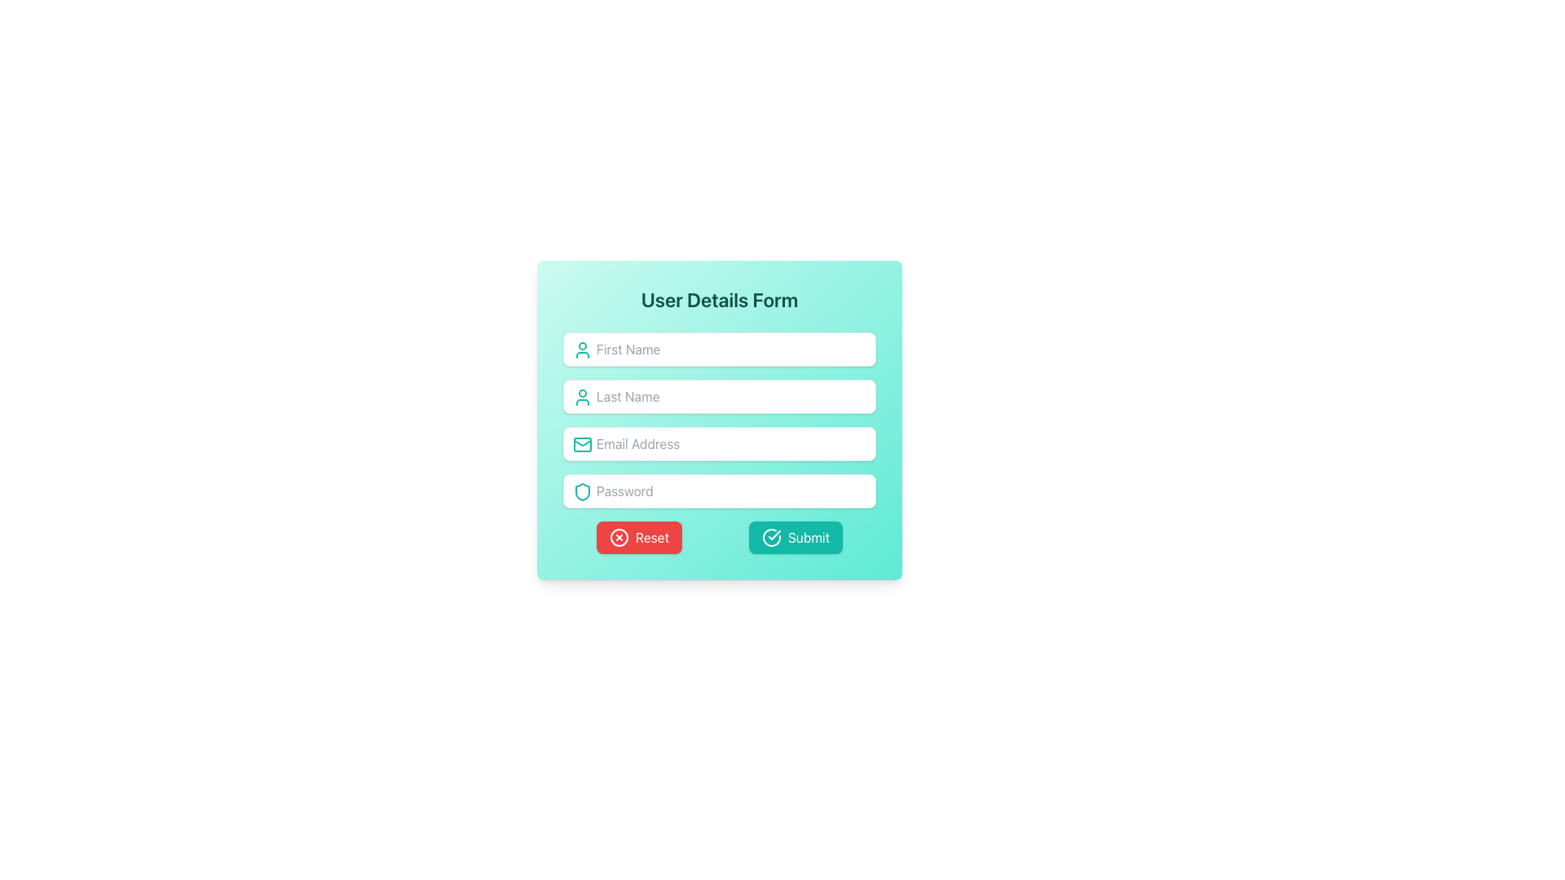  I want to click on the Decorative Icon indicating the Last Name input field, which is positioned to the left and slightly above the placeholder text, so click(583, 398).